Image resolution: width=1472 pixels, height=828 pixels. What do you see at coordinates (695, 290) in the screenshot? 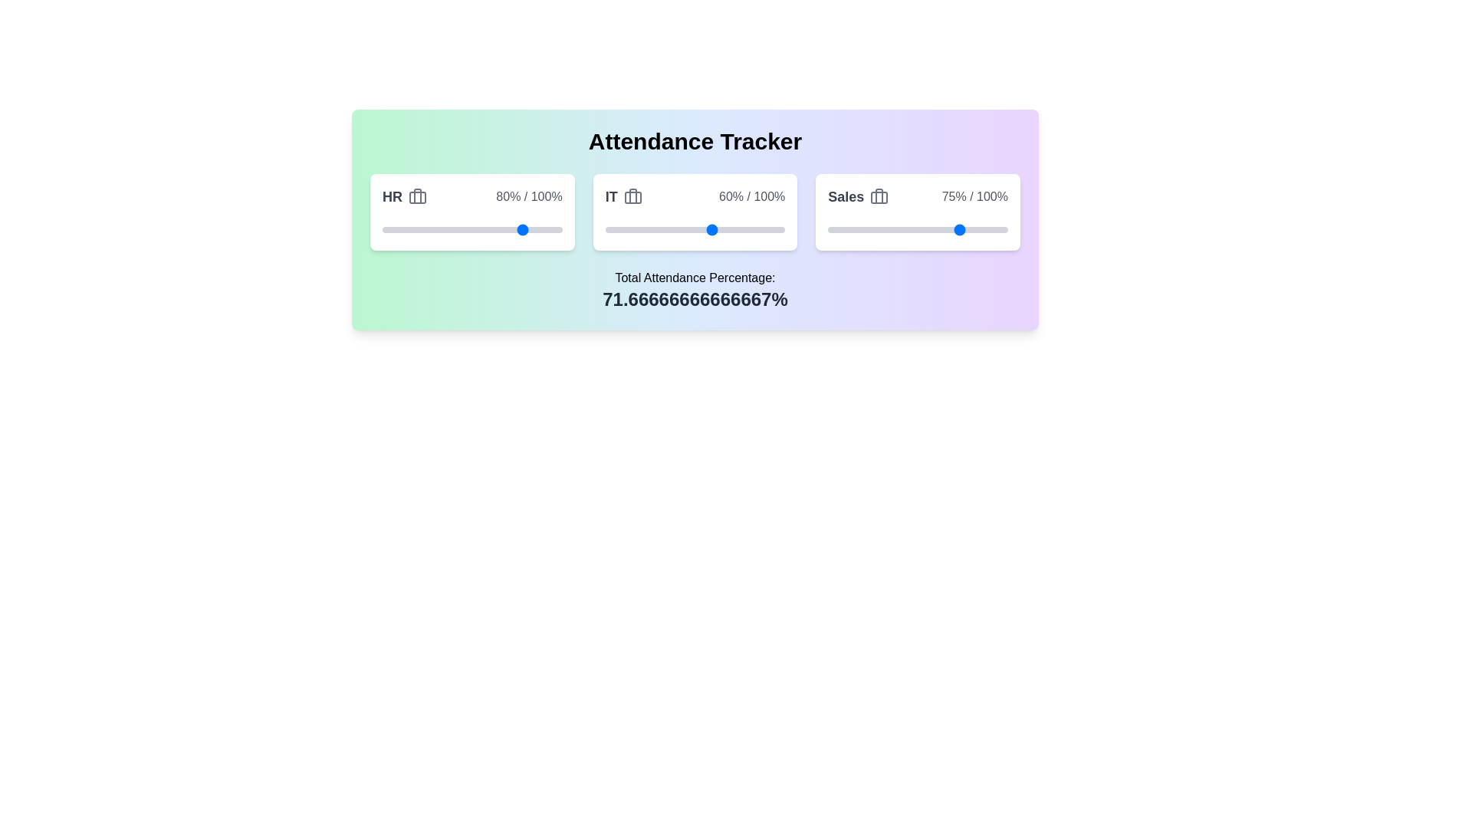
I see `the Text Display element that shows 'Total Attendance Percentage' with a bold percentage value in dark gray font, located at the bottom of the HR, IT, and Sales sections` at bounding box center [695, 290].